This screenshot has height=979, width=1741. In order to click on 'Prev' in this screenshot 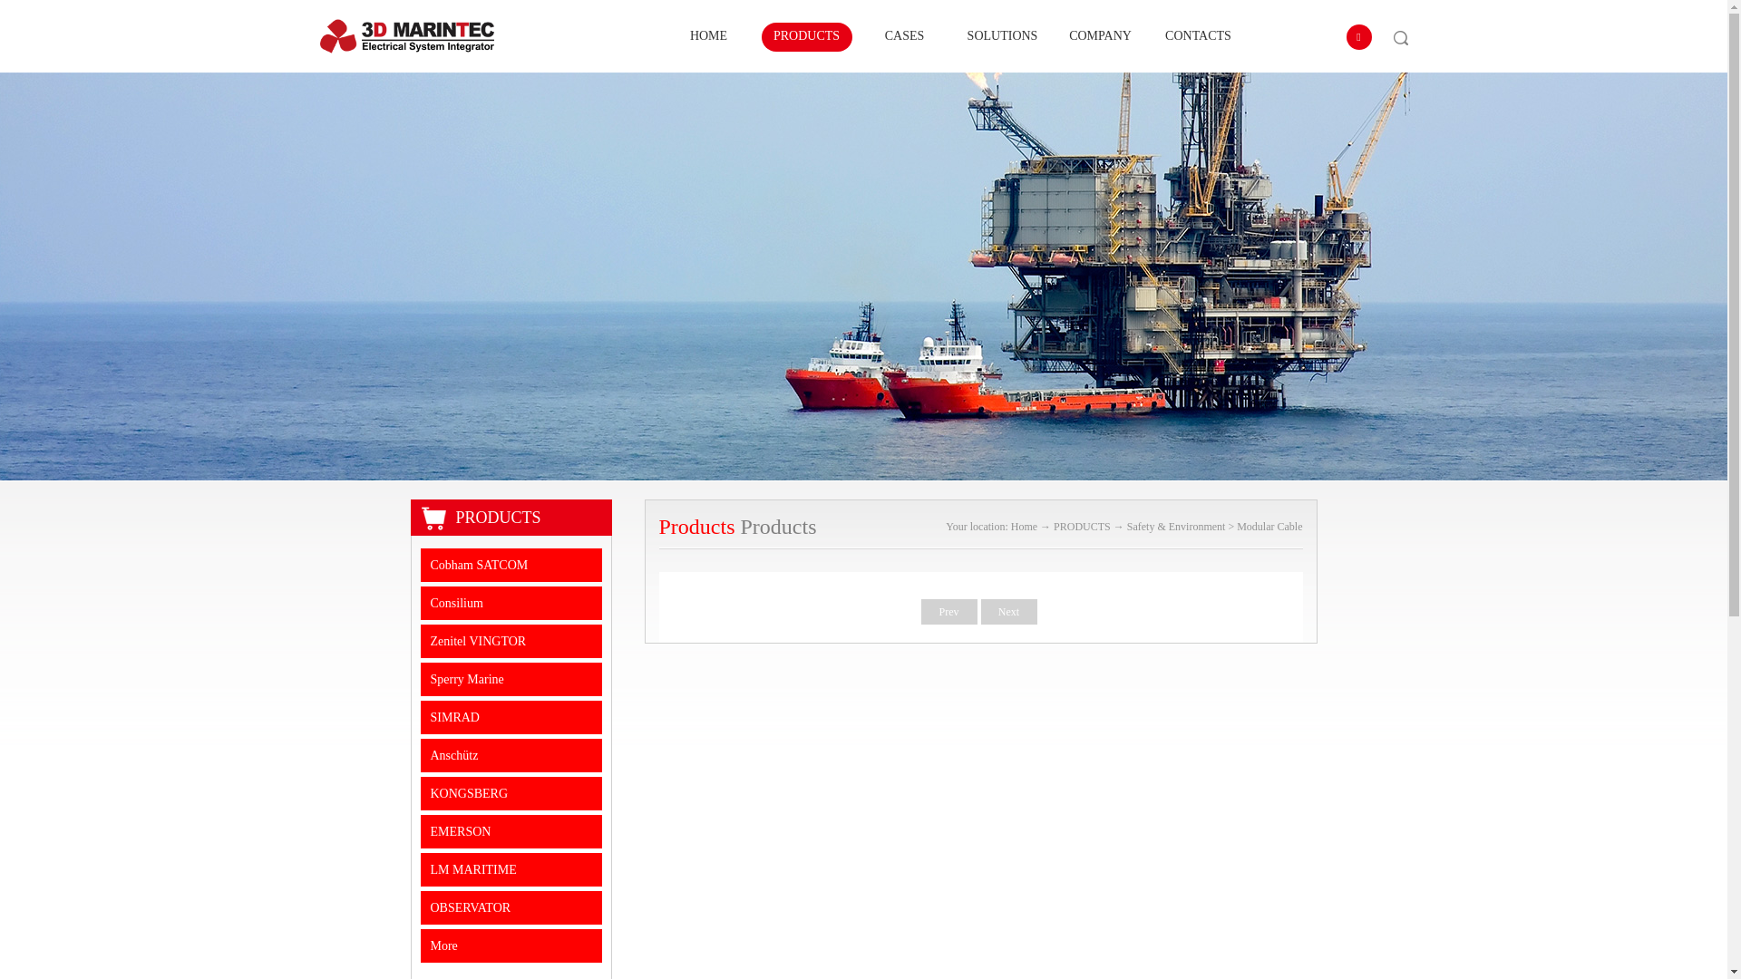, I will do `click(921, 612)`.